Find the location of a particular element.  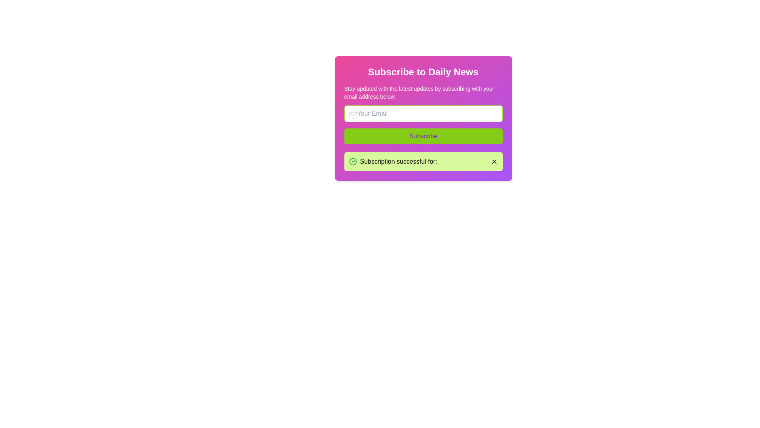

the subscription button located centrally in the lower half of the interface to initiate the subscription process is located at coordinates (423, 136).